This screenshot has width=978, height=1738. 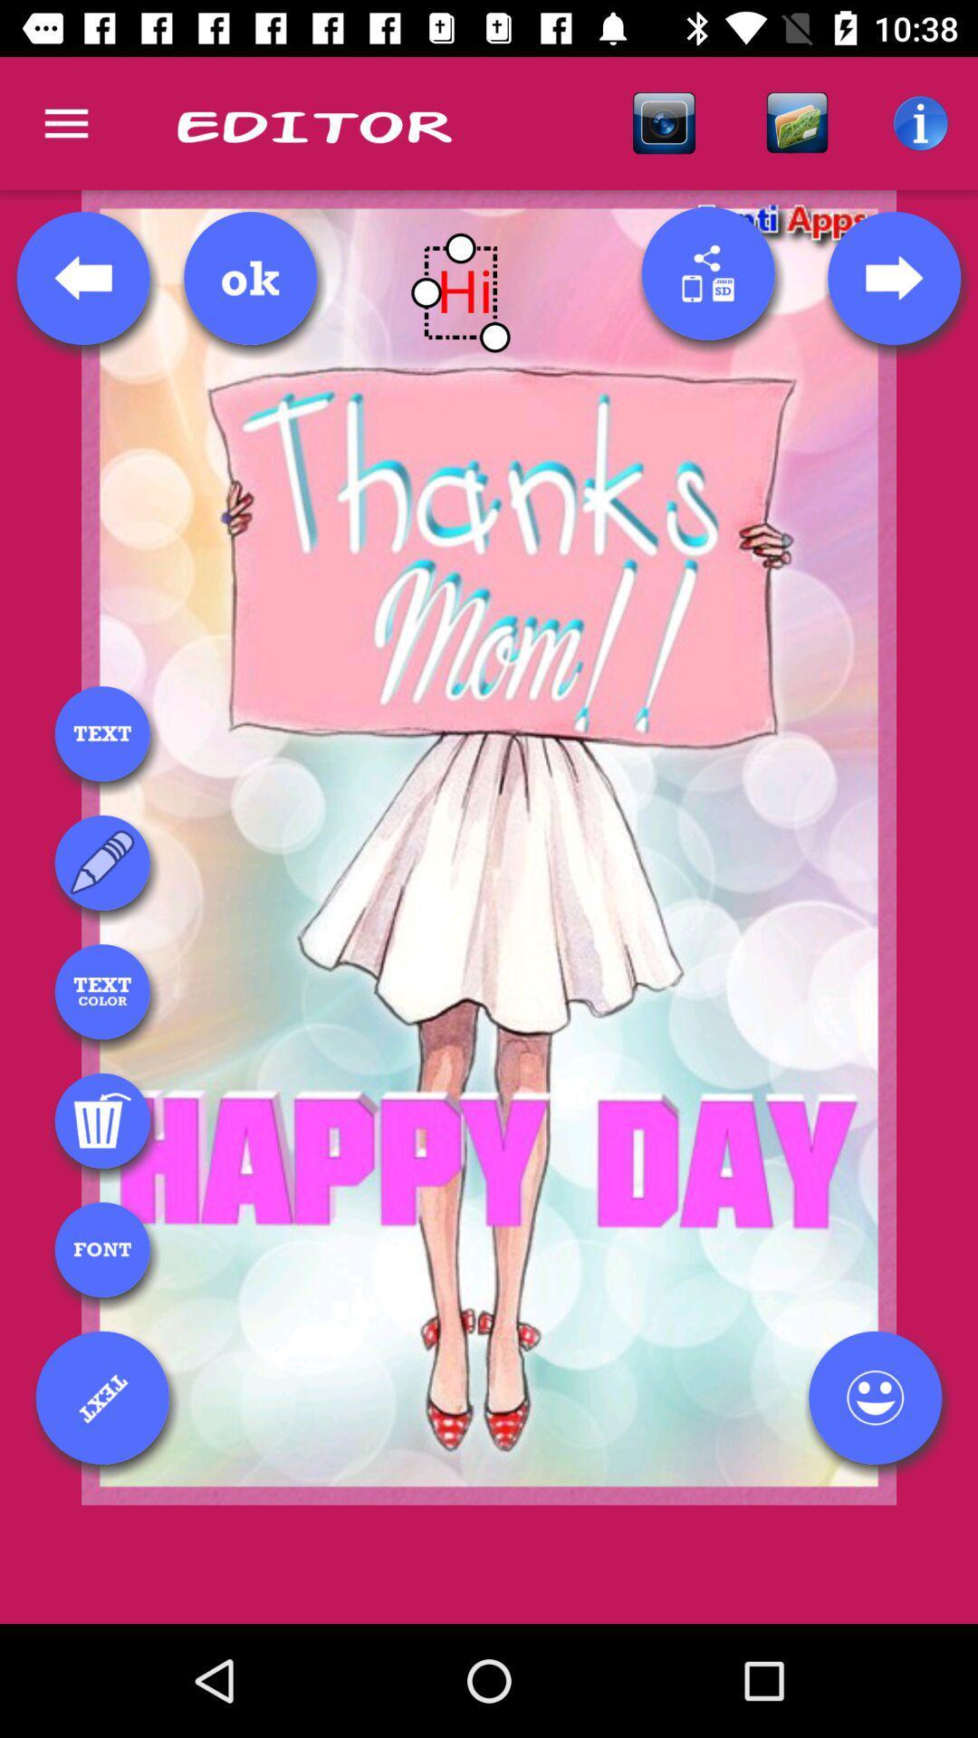 I want to click on use drawing tool, so click(x=102, y=862).